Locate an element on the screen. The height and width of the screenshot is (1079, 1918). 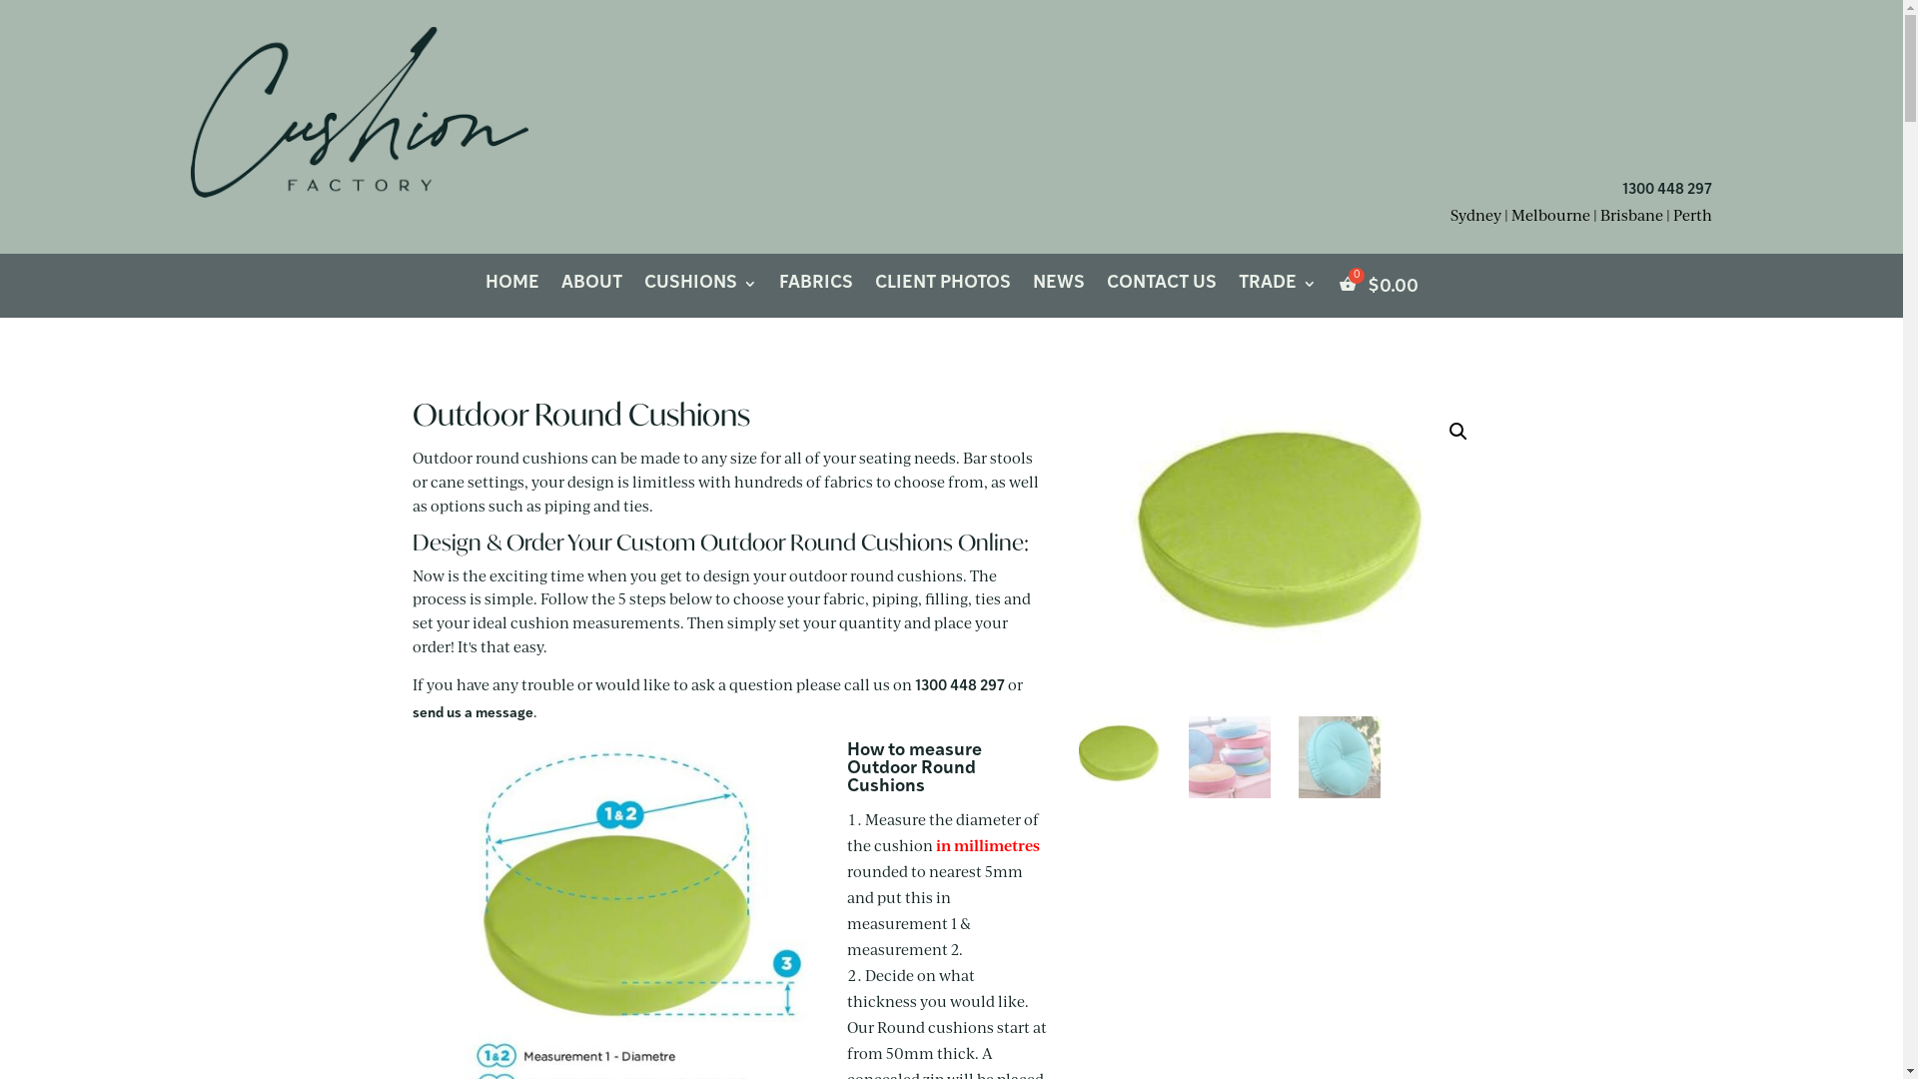
'send us a message' is located at coordinates (471, 712).